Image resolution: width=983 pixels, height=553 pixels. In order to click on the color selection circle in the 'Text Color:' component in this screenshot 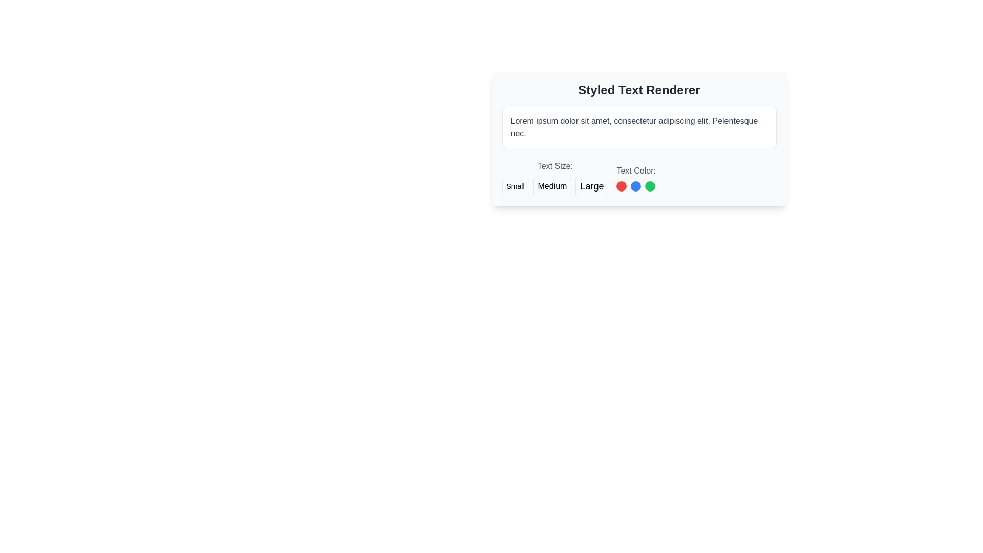, I will do `click(635, 177)`.